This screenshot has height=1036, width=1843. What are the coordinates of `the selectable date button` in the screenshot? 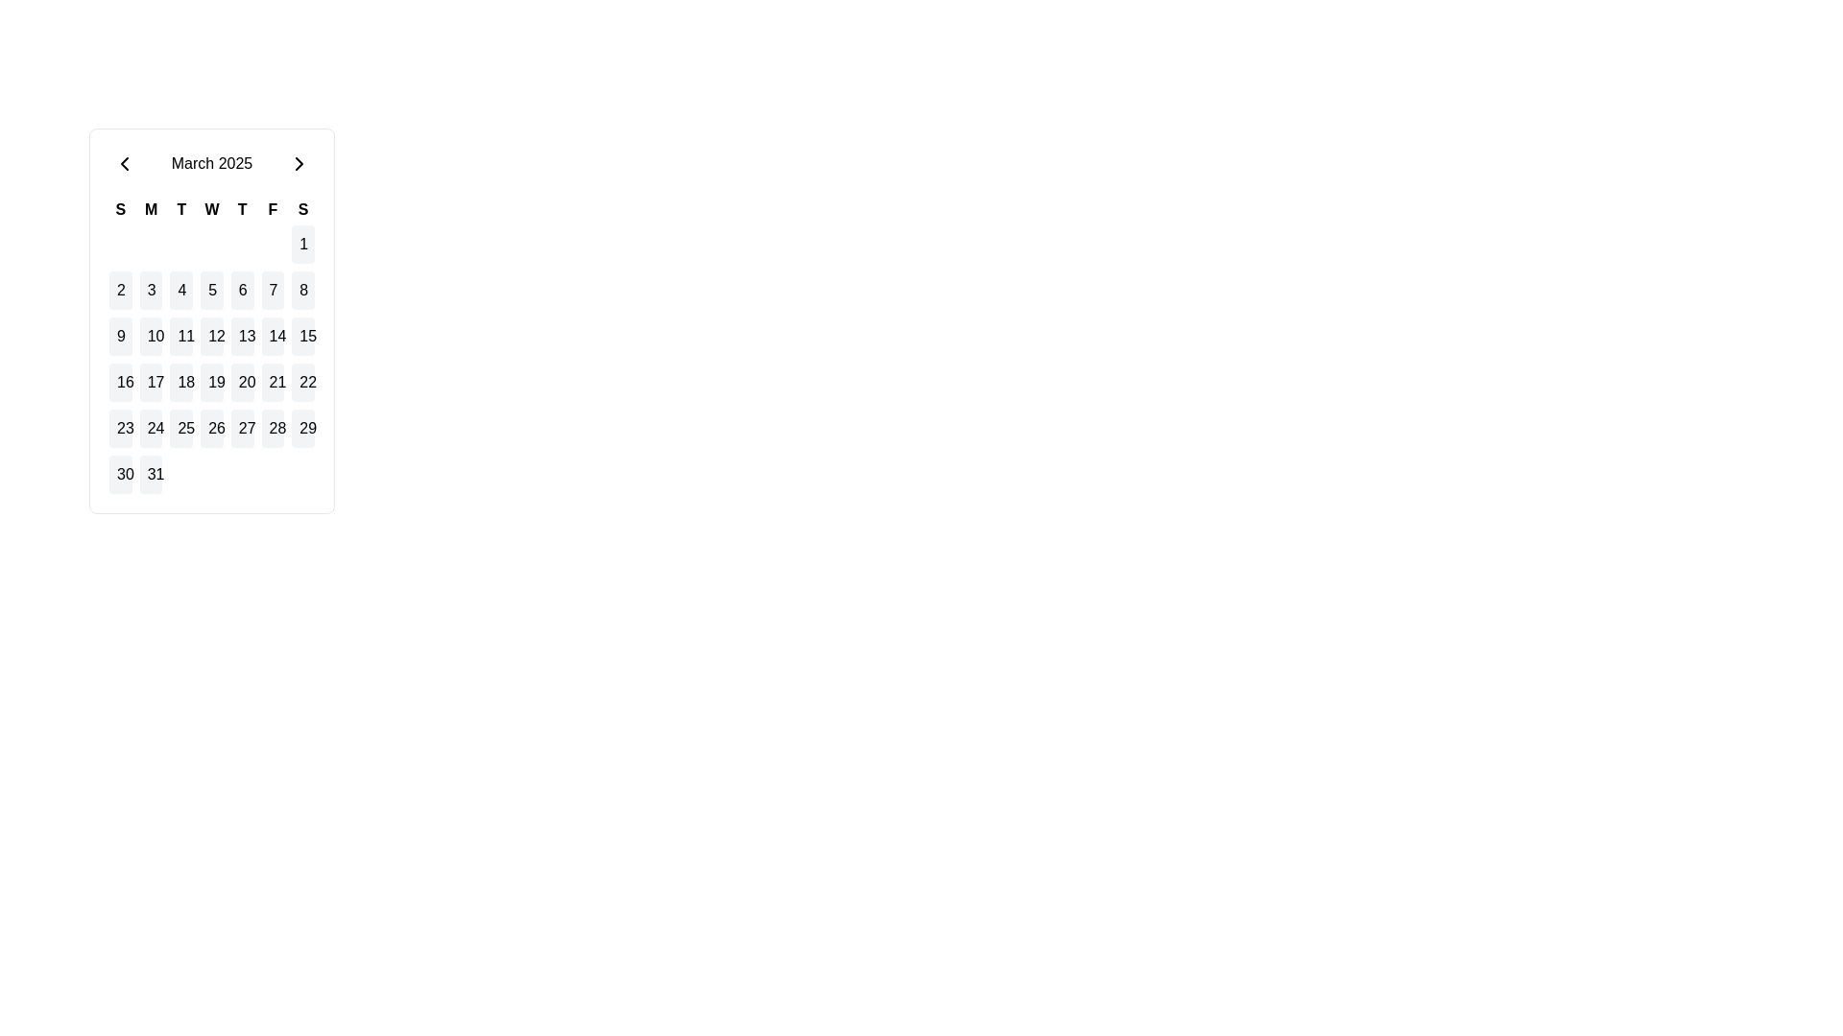 It's located at (211, 336).